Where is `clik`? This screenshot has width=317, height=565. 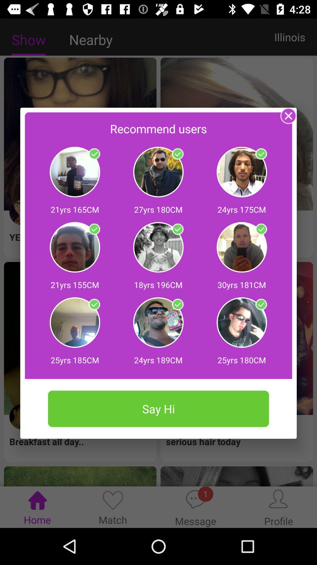
clik is located at coordinates (261, 154).